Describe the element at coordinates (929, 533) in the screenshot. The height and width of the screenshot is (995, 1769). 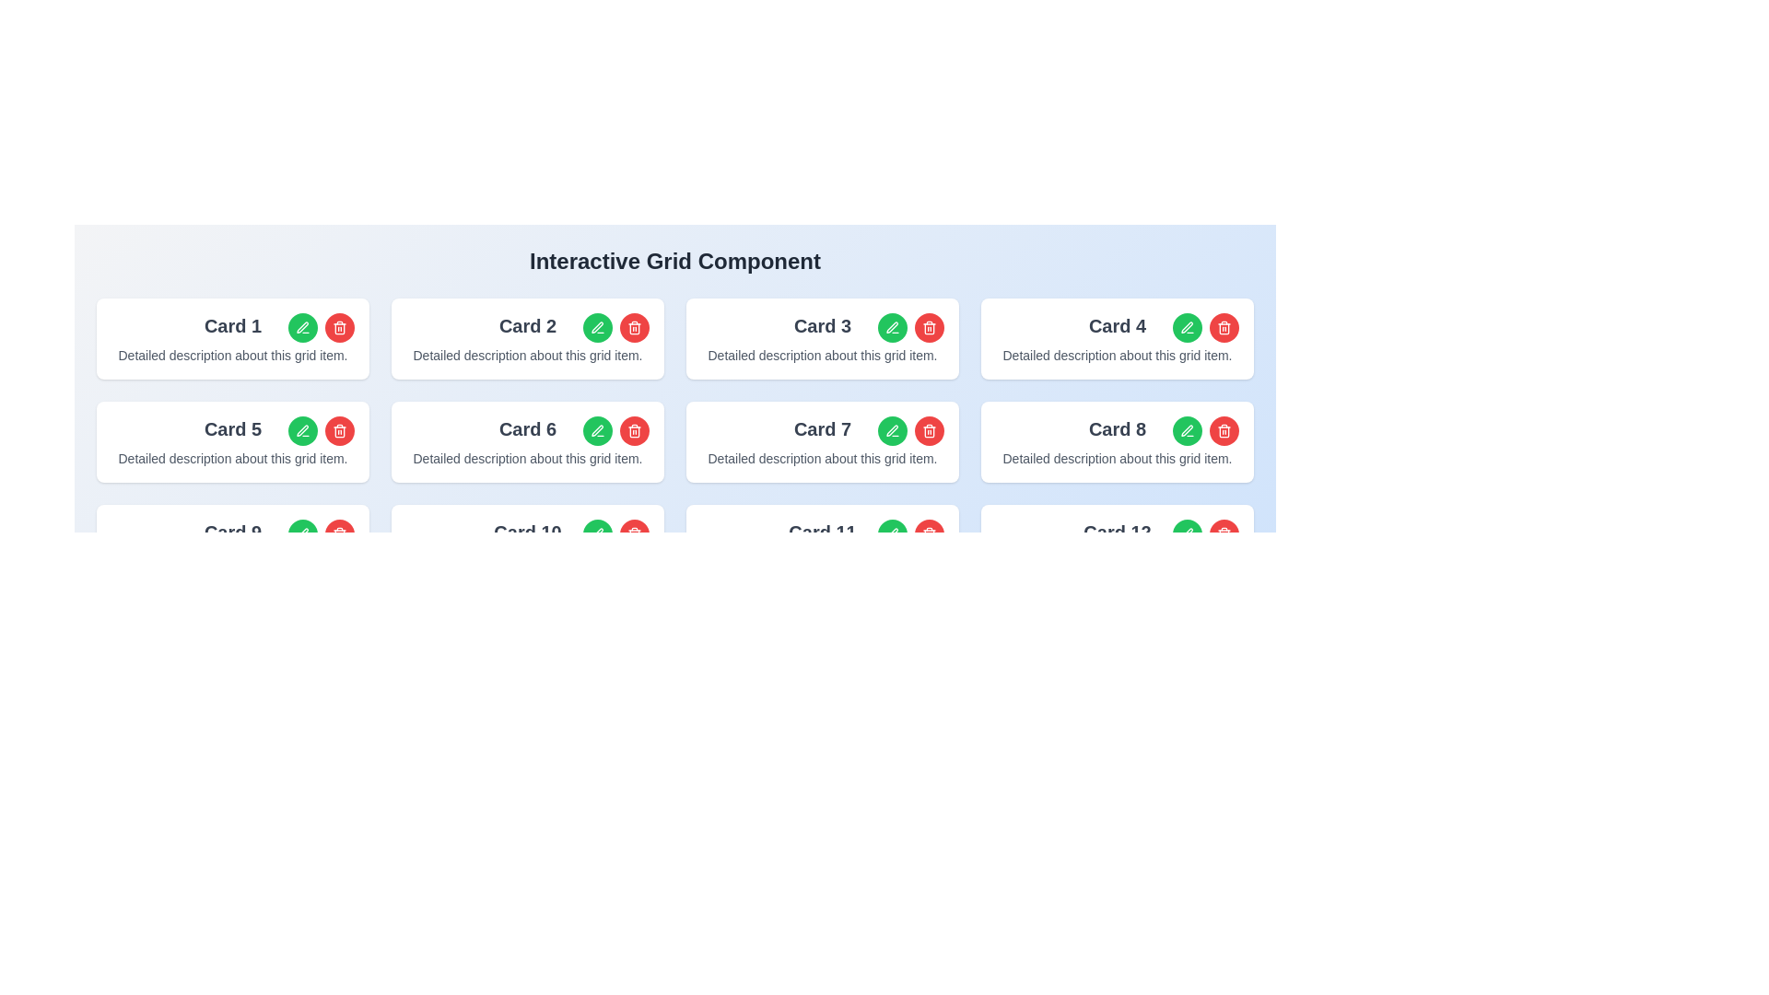
I see `the delete icon button located in the bottom row of the grid component, specifically in Card 13, positioned to the right of the card’s header and description, next to the green edit icon` at that location.